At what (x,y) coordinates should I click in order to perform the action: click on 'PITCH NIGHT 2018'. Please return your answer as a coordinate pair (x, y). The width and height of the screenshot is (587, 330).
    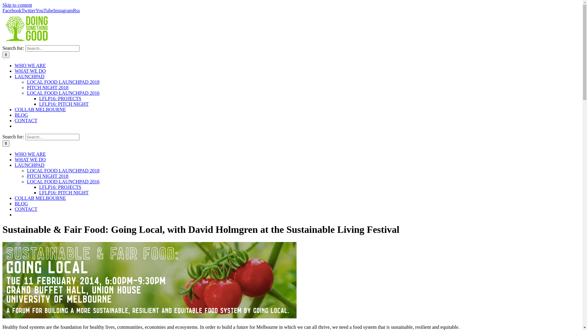
    Looking at the image, I should click on (47, 87).